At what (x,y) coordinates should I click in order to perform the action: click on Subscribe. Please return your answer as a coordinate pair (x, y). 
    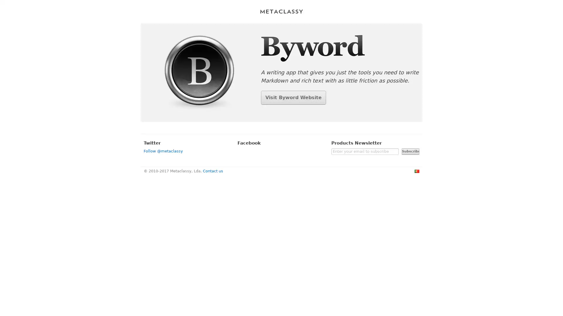
    Looking at the image, I should click on (410, 151).